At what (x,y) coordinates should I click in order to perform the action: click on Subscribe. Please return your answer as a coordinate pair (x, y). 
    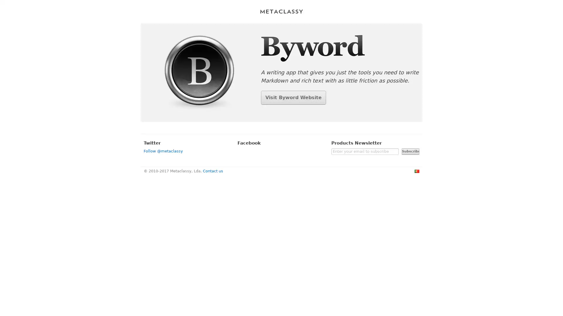
    Looking at the image, I should click on (410, 151).